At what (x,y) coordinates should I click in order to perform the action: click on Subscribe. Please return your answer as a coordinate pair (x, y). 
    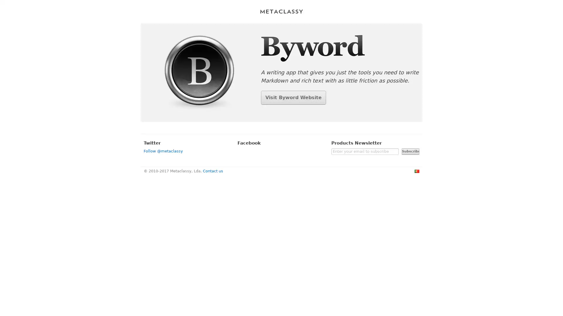
    Looking at the image, I should click on (410, 151).